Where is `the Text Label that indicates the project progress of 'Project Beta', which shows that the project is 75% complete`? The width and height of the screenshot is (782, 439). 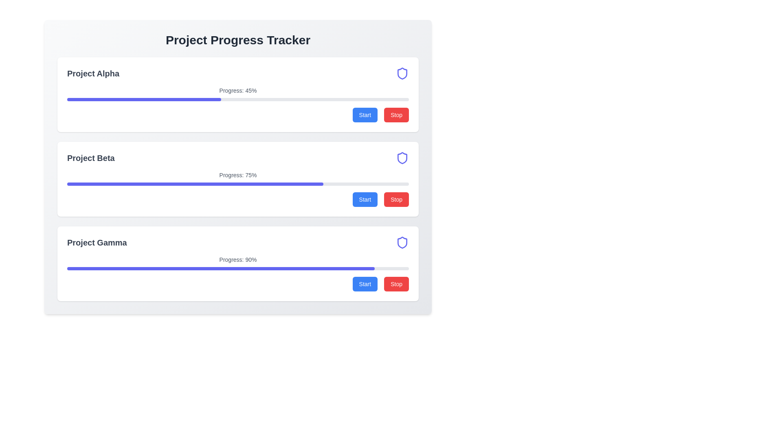 the Text Label that indicates the project progress of 'Project Beta', which shows that the project is 75% complete is located at coordinates (237, 175).